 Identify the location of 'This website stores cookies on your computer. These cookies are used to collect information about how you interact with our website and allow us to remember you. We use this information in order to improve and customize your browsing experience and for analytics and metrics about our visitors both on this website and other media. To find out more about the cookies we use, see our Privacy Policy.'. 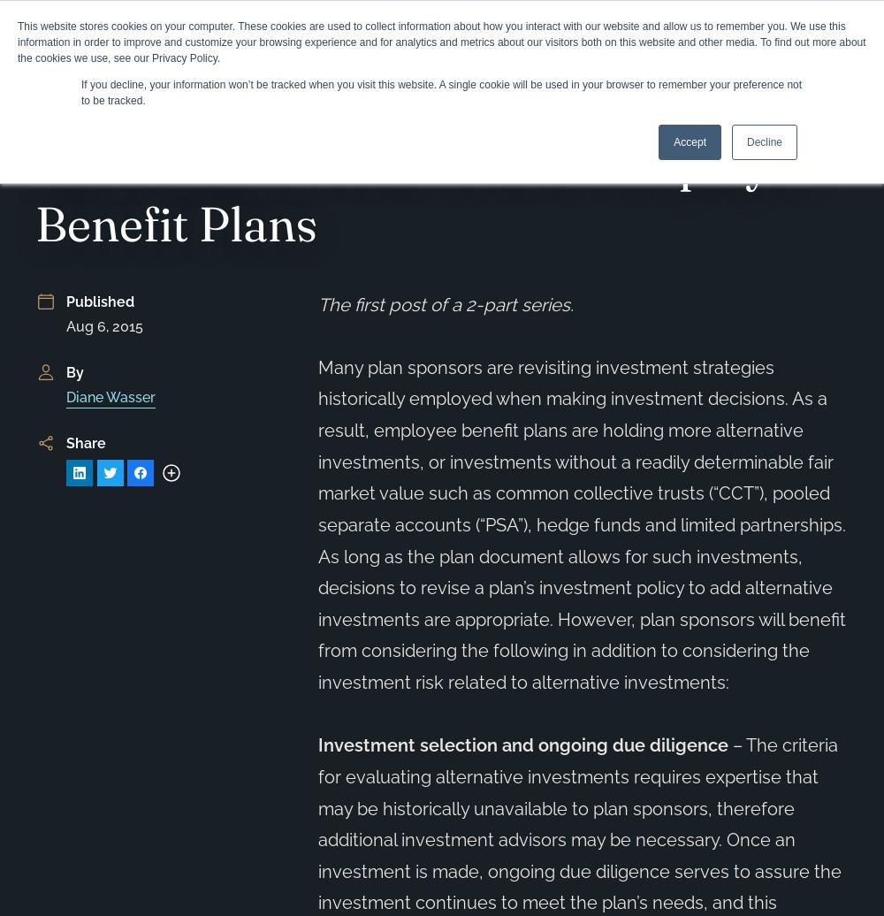
(440, 42).